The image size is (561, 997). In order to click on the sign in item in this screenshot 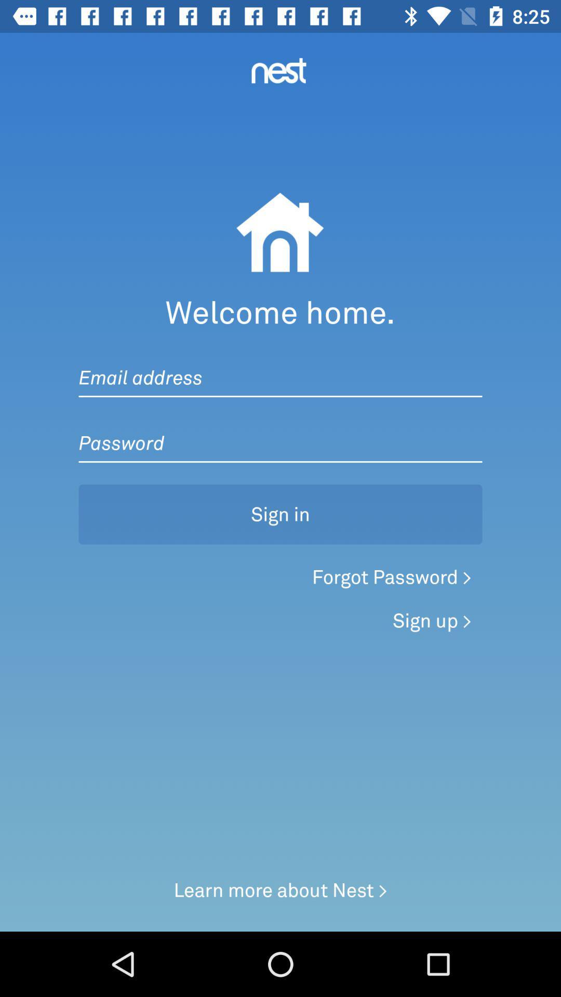, I will do `click(280, 514)`.